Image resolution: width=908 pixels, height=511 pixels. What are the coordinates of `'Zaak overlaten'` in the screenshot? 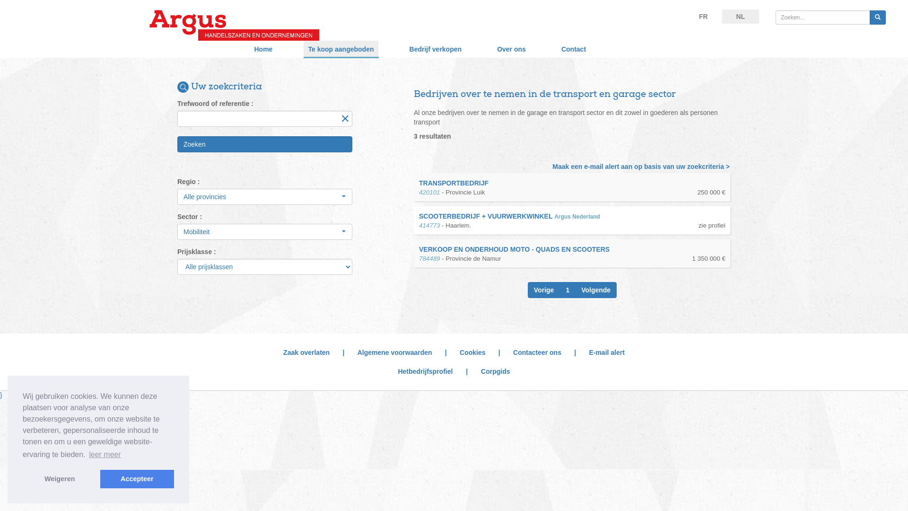 It's located at (306, 352).